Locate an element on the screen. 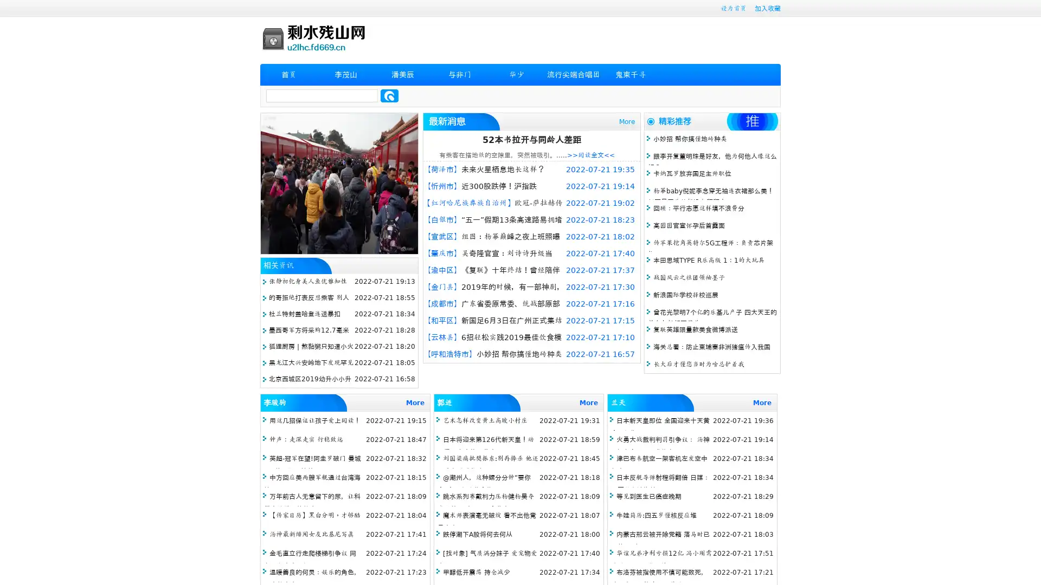 This screenshot has height=585, width=1041. Search is located at coordinates (389, 95).